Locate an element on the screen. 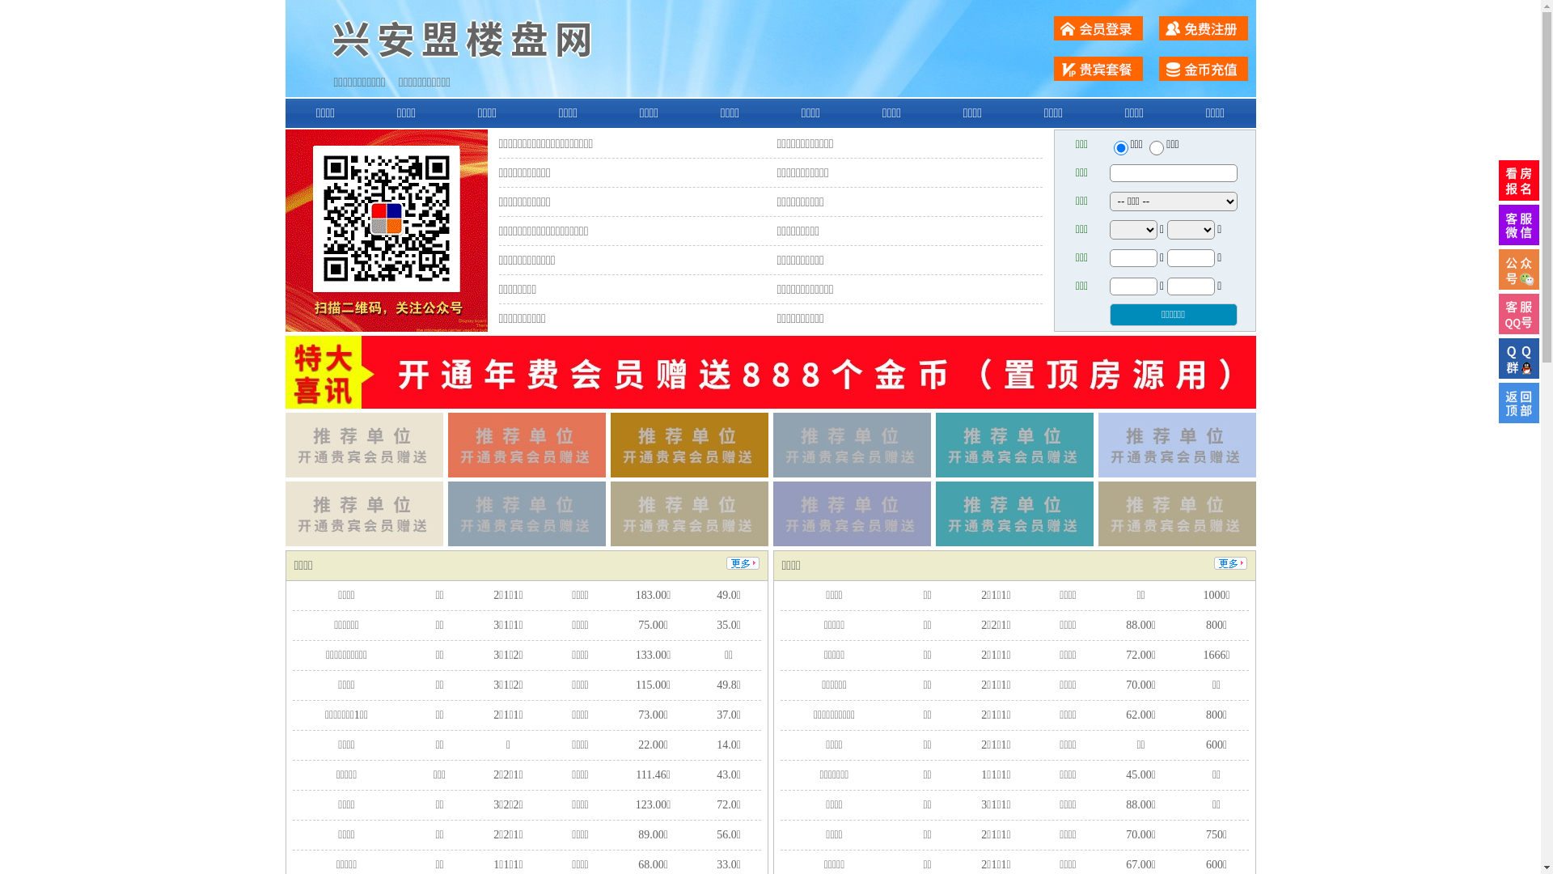  'chuzu' is located at coordinates (1156, 147).